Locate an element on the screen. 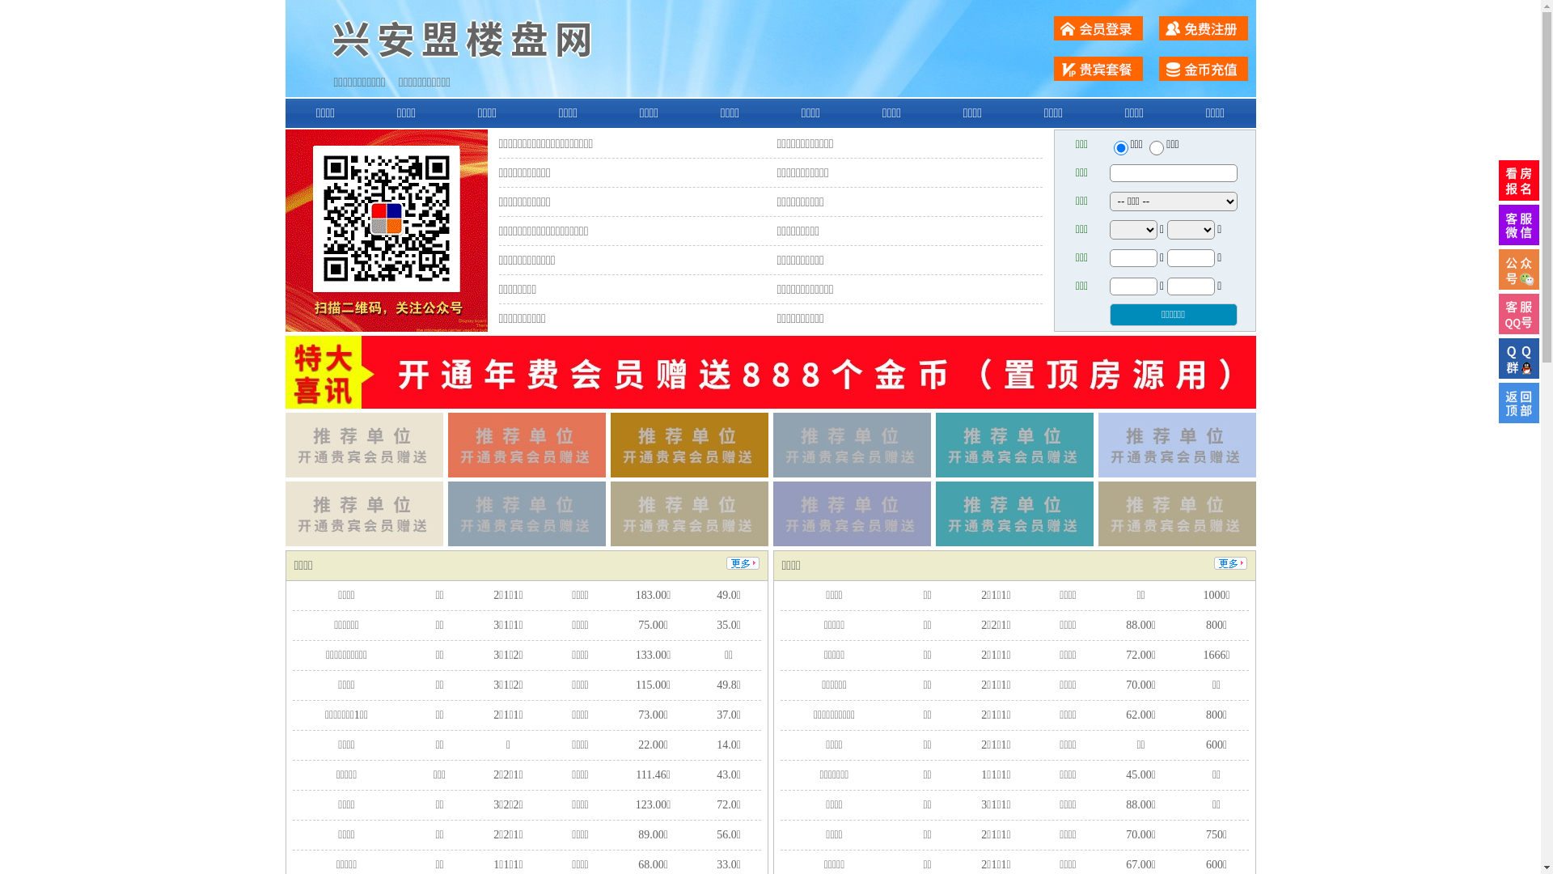  'chuzu' is located at coordinates (1156, 147).